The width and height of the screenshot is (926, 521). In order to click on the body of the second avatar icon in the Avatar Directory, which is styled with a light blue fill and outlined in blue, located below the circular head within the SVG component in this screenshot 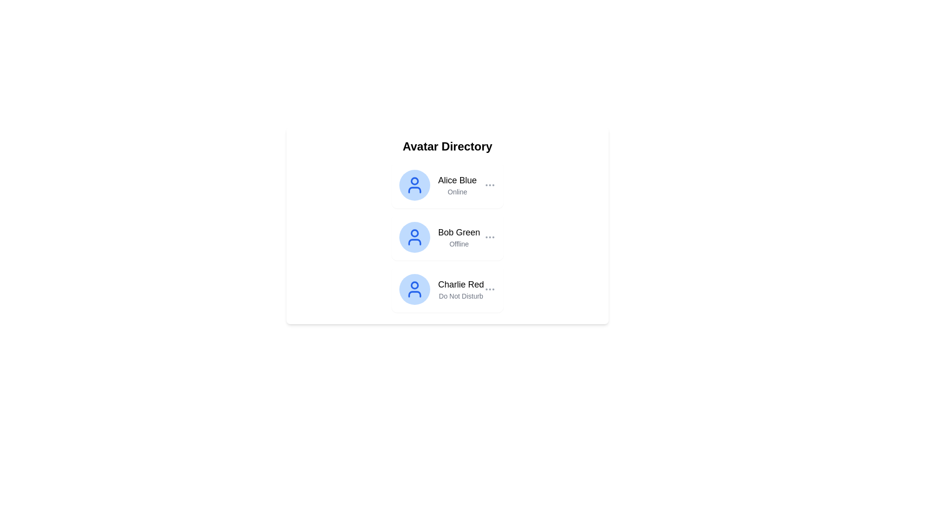, I will do `click(415, 241)`.